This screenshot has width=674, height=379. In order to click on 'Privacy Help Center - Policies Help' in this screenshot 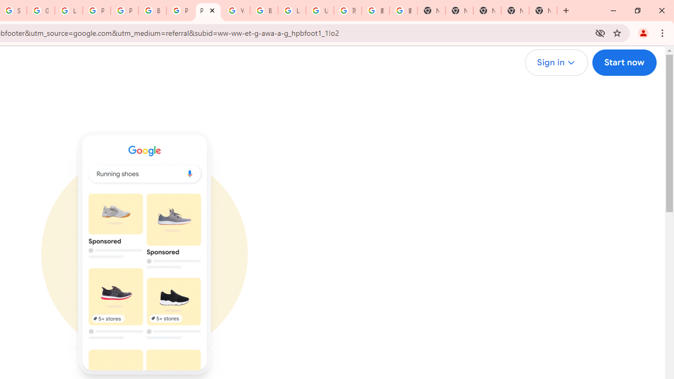, I will do `click(124, 11)`.